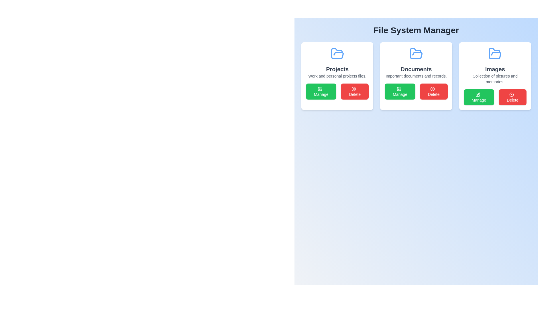 Image resolution: width=550 pixels, height=309 pixels. Describe the element at coordinates (434, 91) in the screenshot. I see `the second button in the 'Documents' card` at that location.